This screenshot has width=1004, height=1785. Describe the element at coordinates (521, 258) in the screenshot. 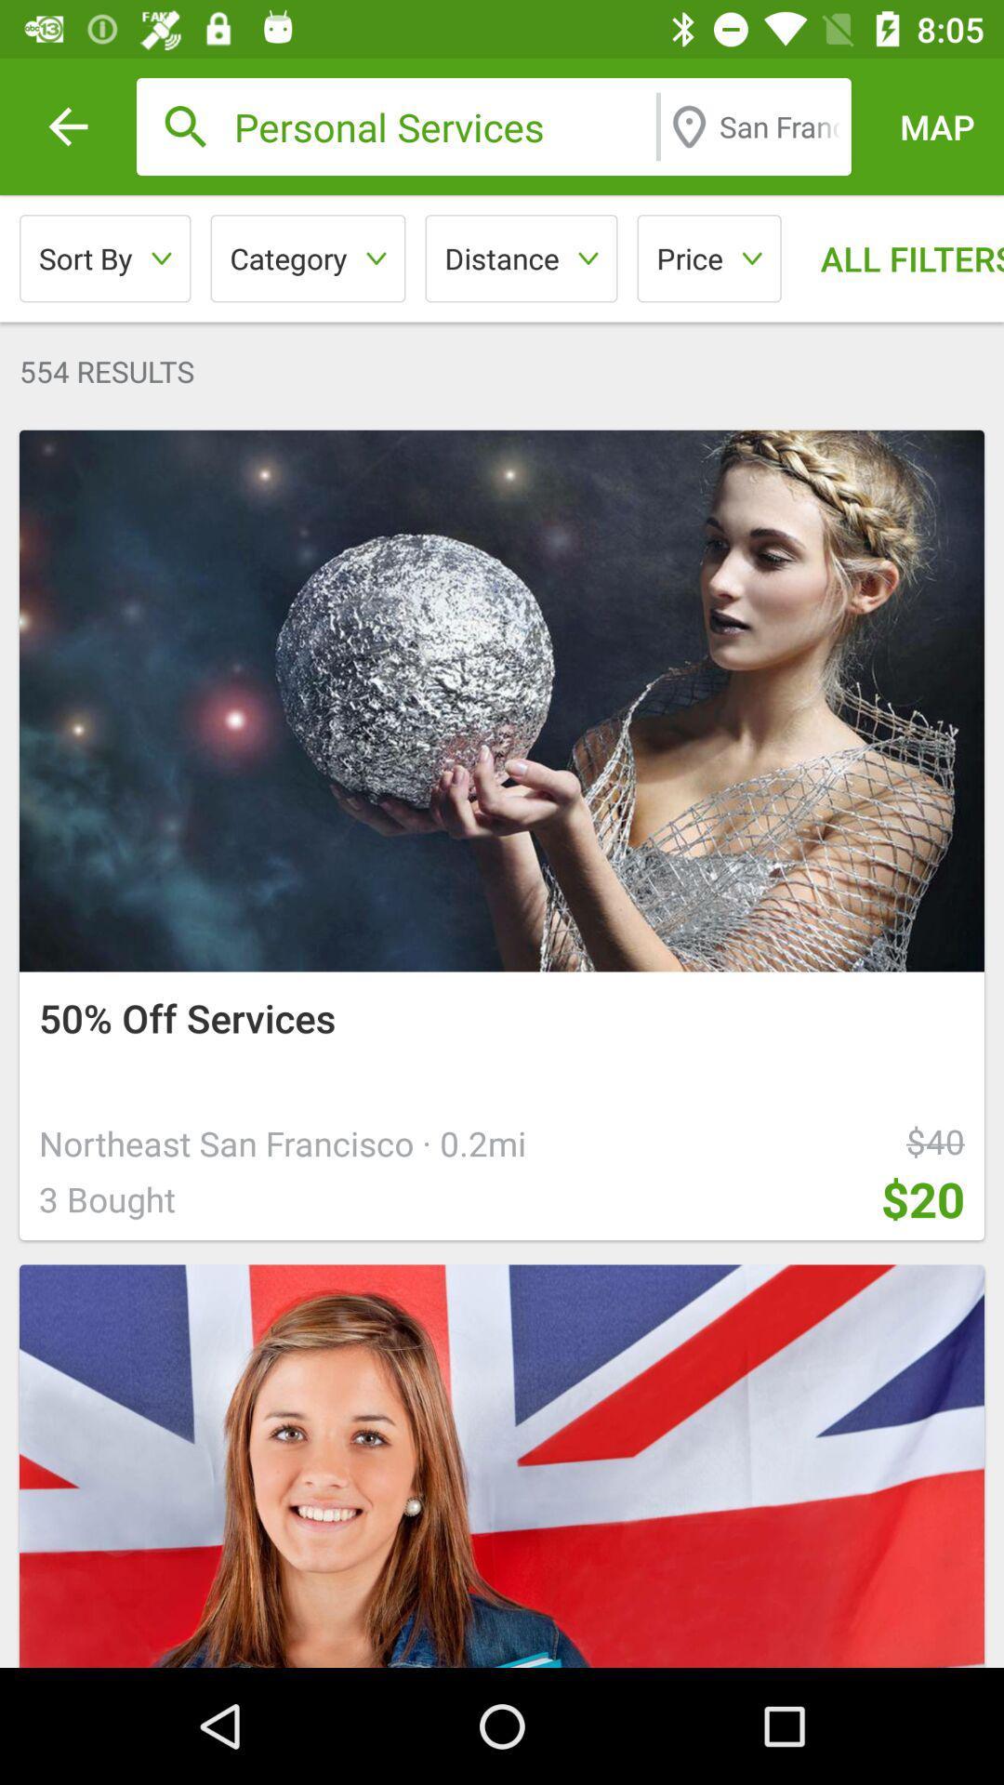

I see `item above the 554 results icon` at that location.